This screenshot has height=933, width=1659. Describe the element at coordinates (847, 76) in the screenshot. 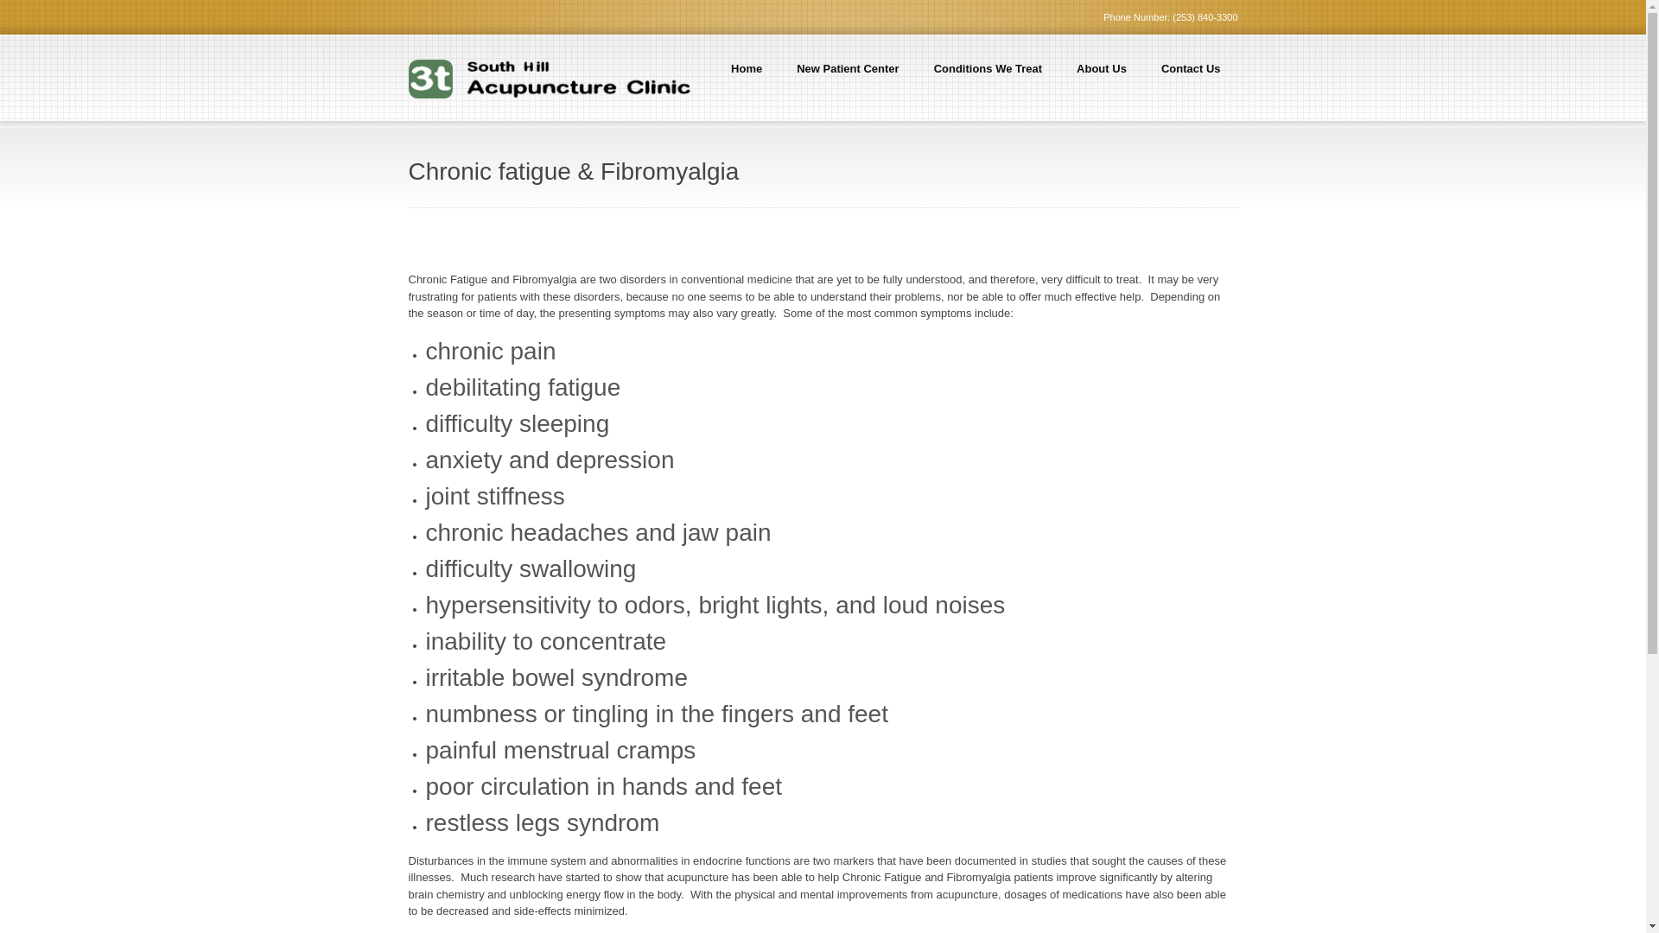

I see `'New Patient Center'` at that location.